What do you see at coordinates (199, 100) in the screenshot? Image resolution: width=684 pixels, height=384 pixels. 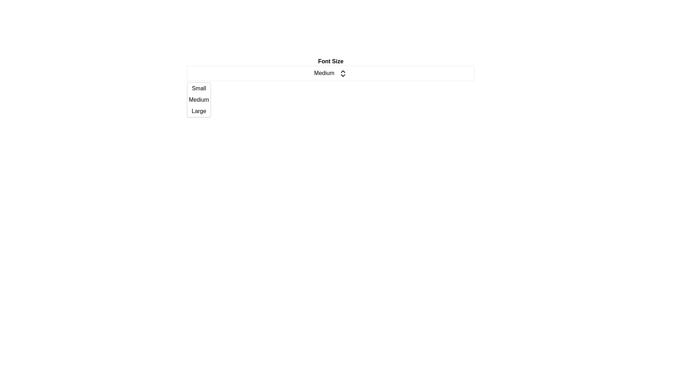 I see `the Dropdown menu containing options 'Small', 'Medium', and 'Large'` at bounding box center [199, 100].